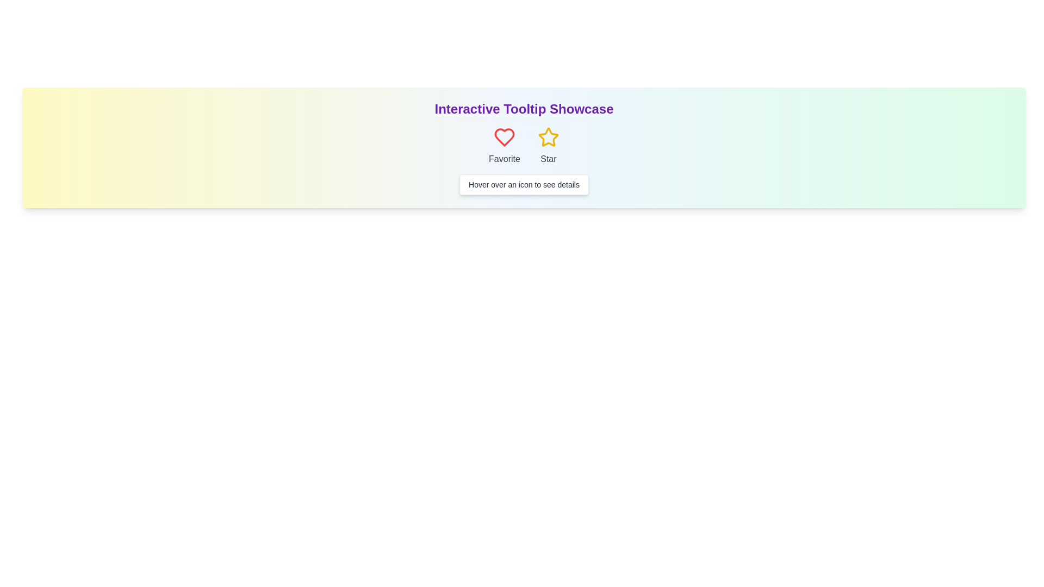 This screenshot has width=1044, height=587. I want to click on the star icon with a hollow center, rendered in bright yellow, which is the second icon in the row, positioned to the right of the heart icon and under the 'Star' label text, so click(548, 136).